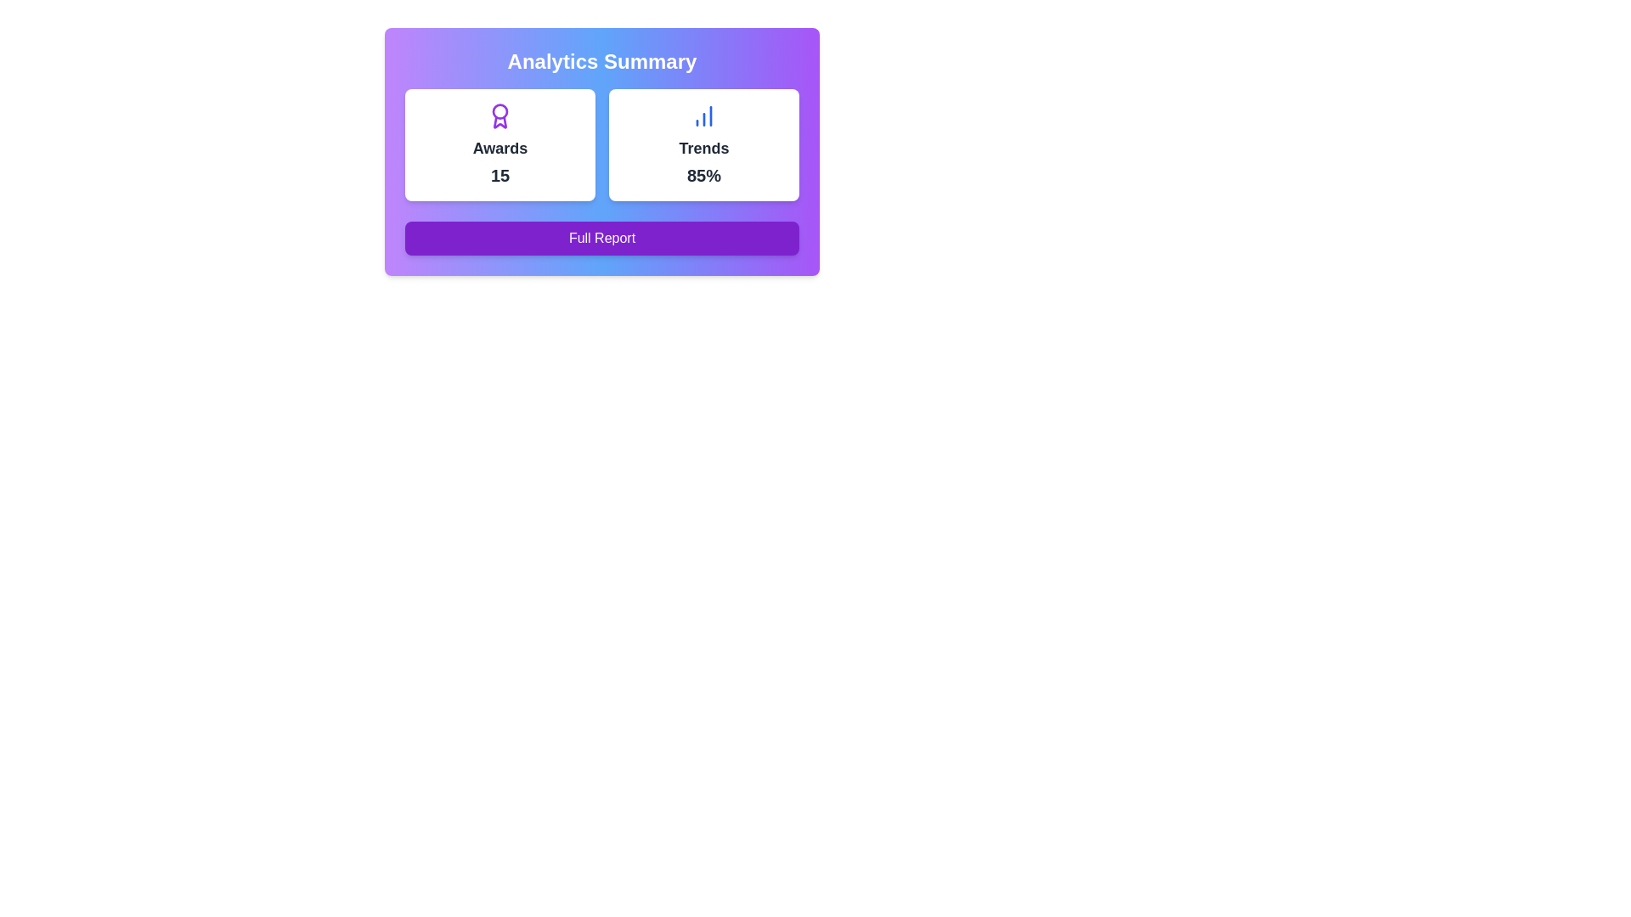 This screenshot has height=917, width=1631. I want to click on the ribbon detail of the award icon located in the 'Analytics Summary' card, which is positioned to the left of the 'Awards' label, so click(499, 121).